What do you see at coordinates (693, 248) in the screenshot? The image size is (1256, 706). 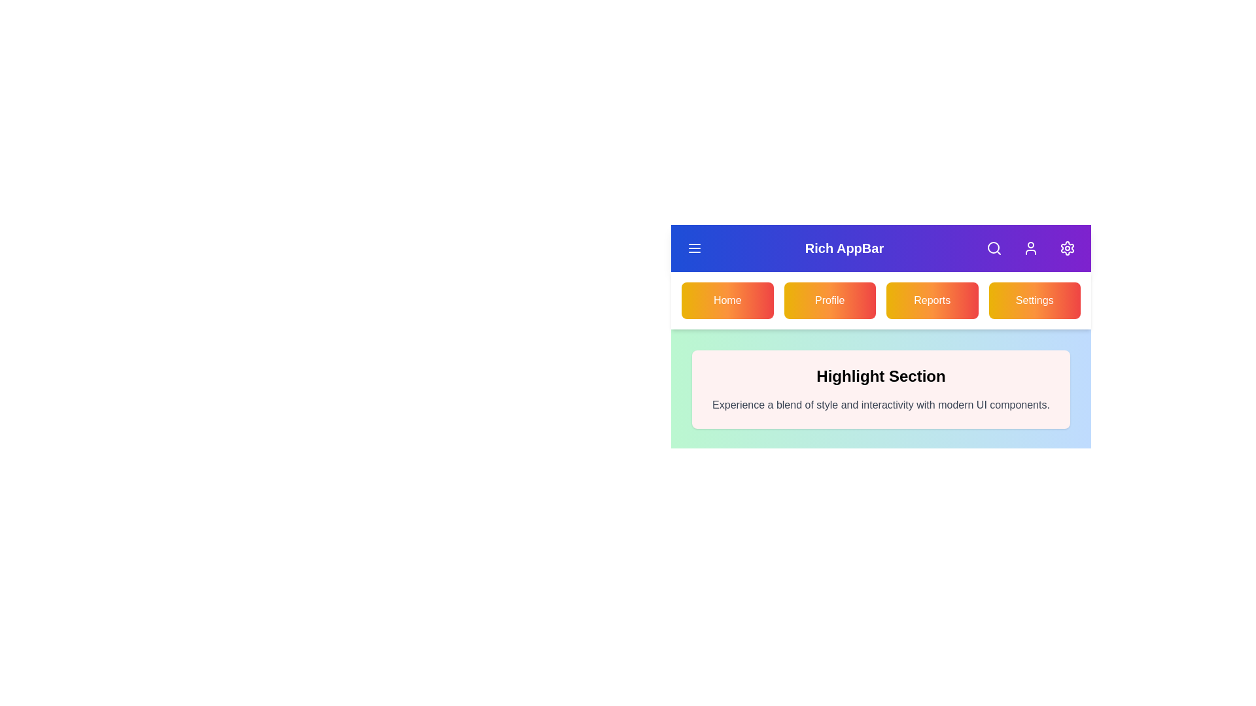 I see `menu icon to toggle the navigation menu visibility` at bounding box center [693, 248].